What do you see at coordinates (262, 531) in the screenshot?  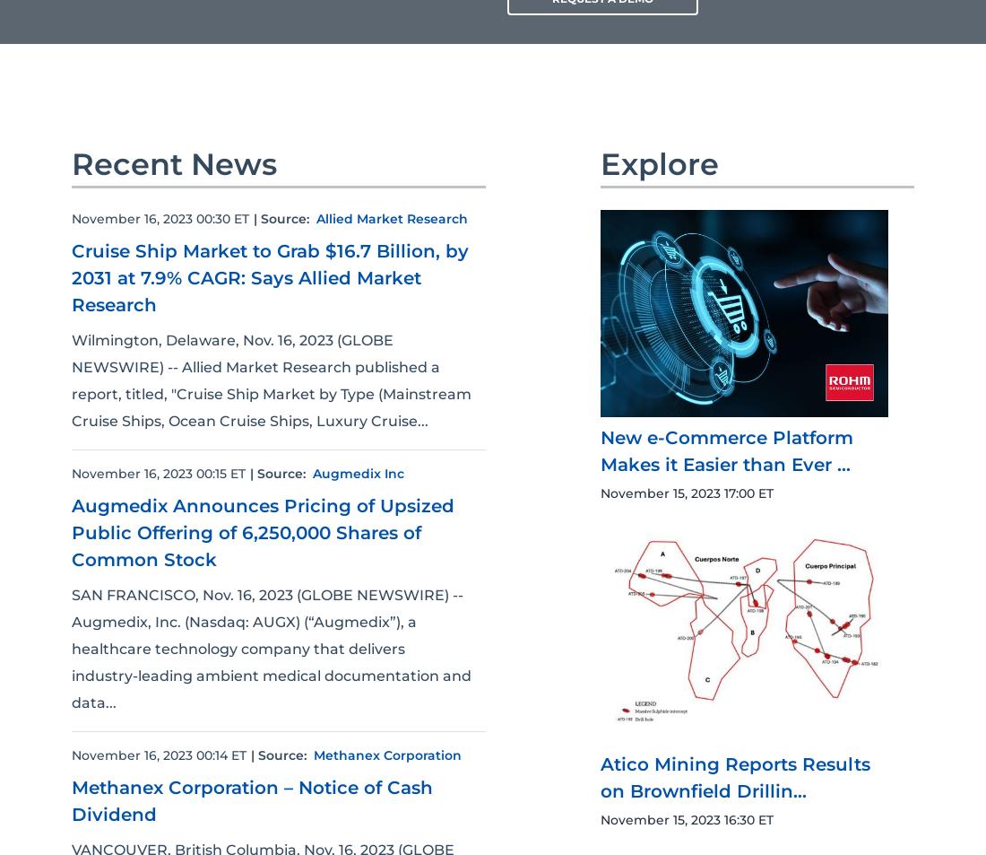 I see `'Augmedix Announces Pricing of Upsized Public Offering of 6,250,000 Shares of Common Stock'` at bounding box center [262, 531].